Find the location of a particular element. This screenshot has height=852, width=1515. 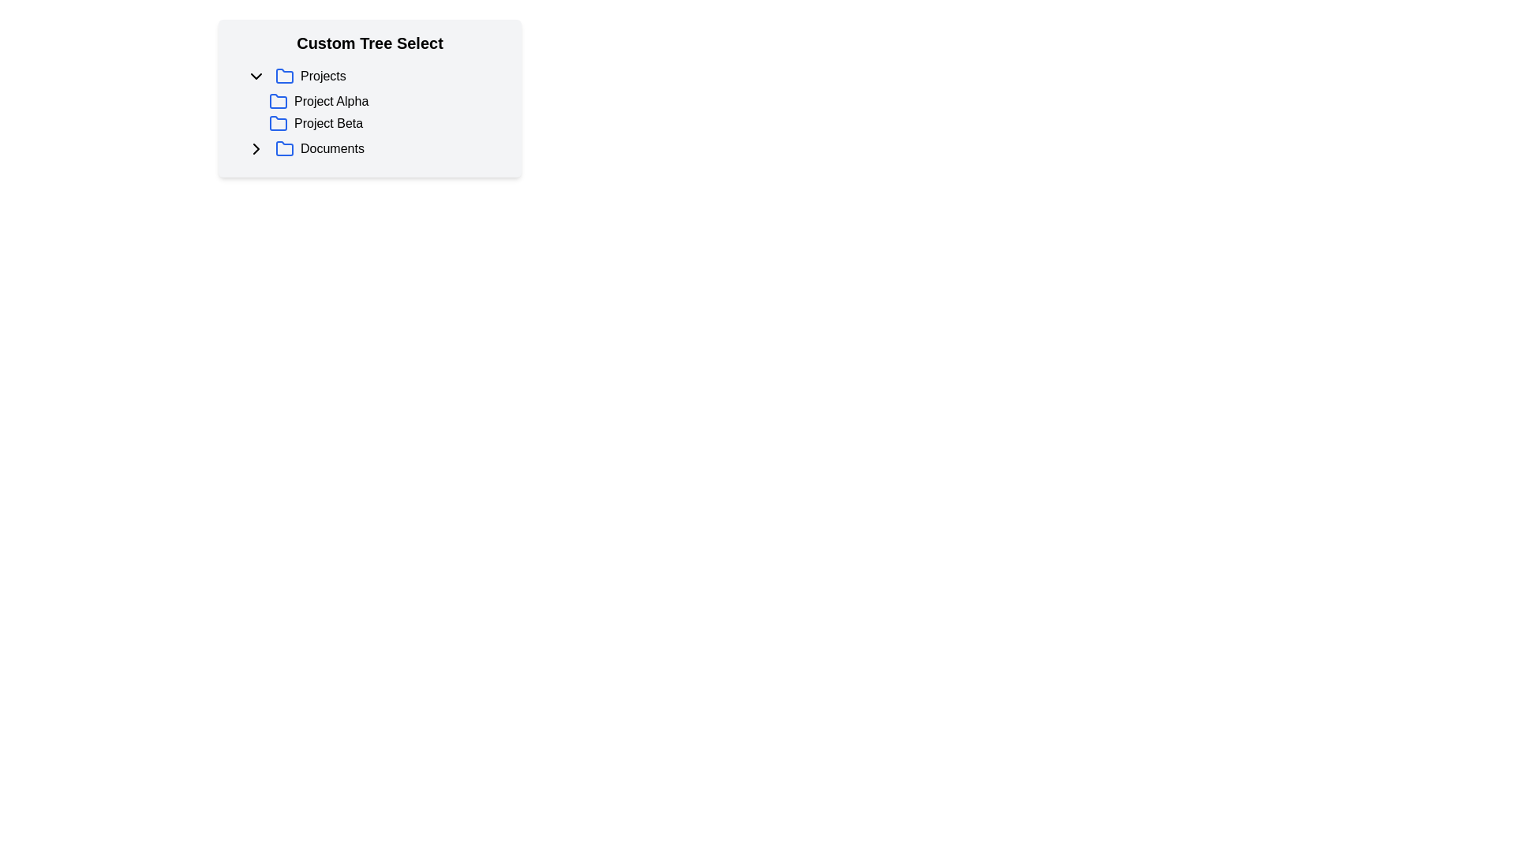

the 'Documents' folder item is located at coordinates (375, 149).